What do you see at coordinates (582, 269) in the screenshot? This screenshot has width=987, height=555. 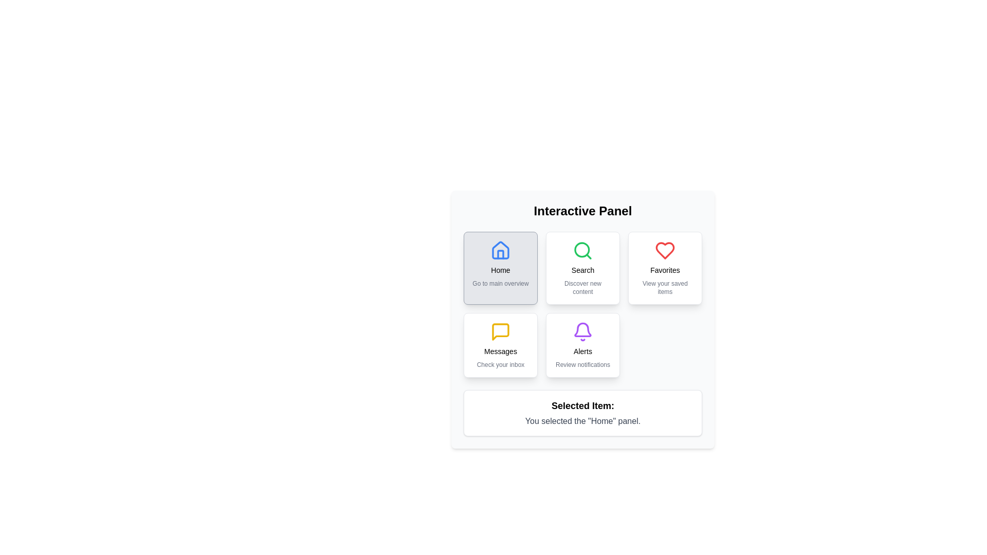 I see `the 'Search' text label, which is styled with a smaller font and medium weight, located in the card labeled 'Discover new content'` at bounding box center [582, 269].